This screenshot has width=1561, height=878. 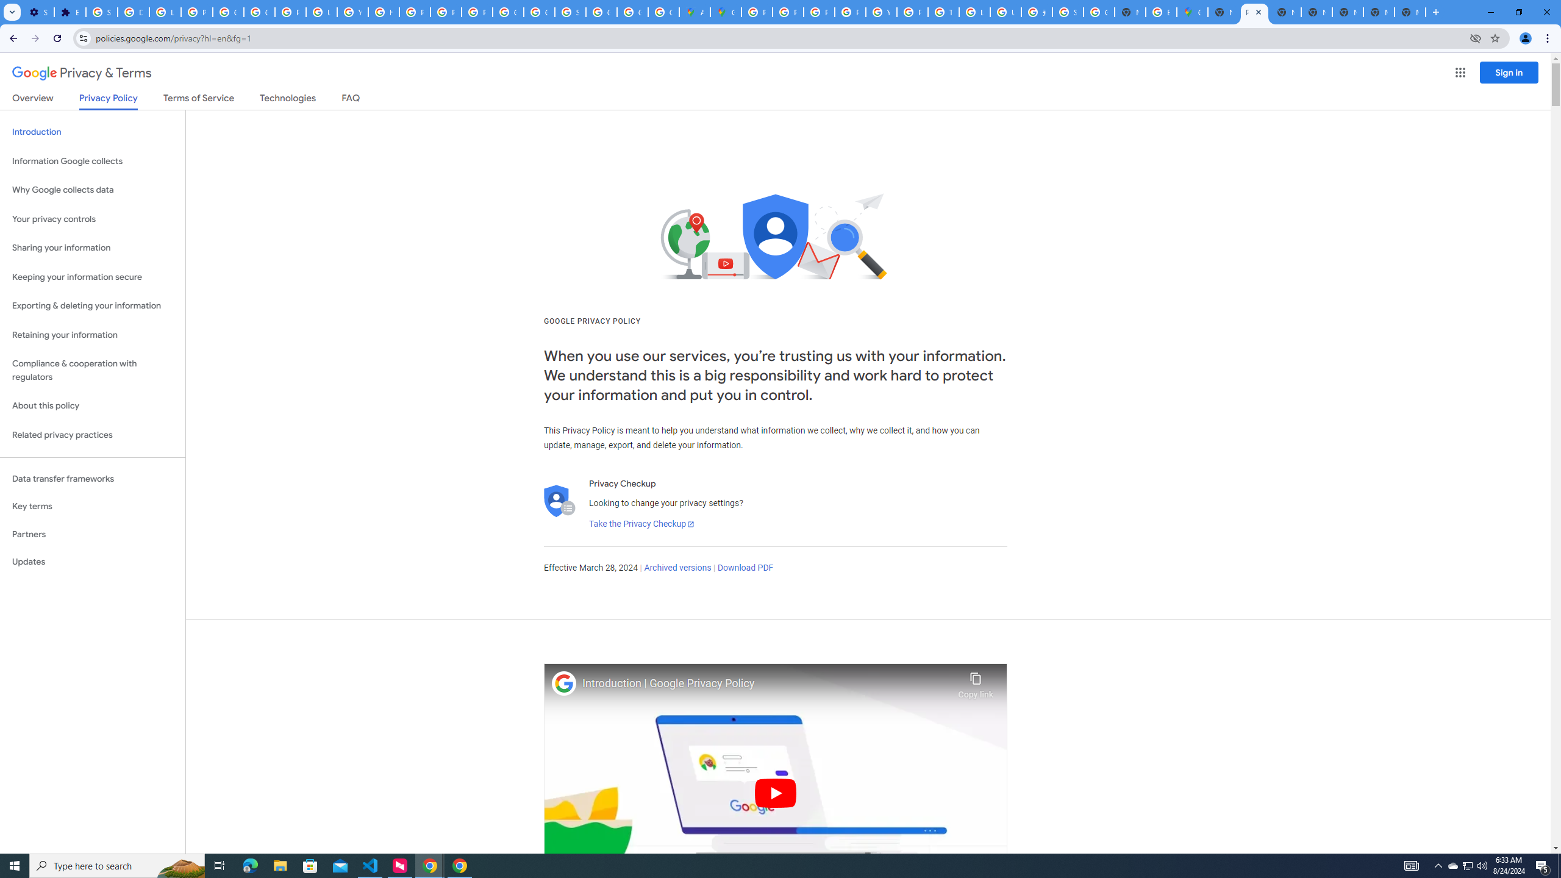 I want to click on 'Keeping your information secure', so click(x=92, y=277).